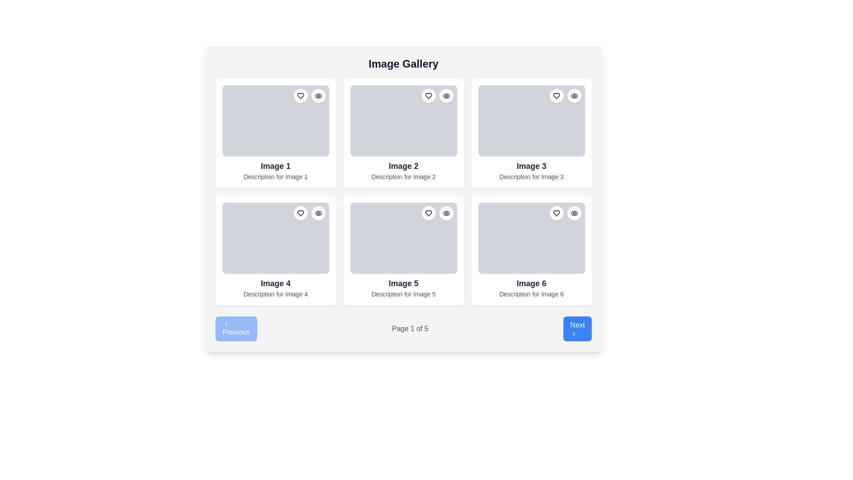 This screenshot has height=480, width=853. Describe the element at coordinates (574, 96) in the screenshot. I see `the circular preview button with a white background and an eye icon located in the top-right corner of the card associated with 'Image 3' in the image gallery` at that location.